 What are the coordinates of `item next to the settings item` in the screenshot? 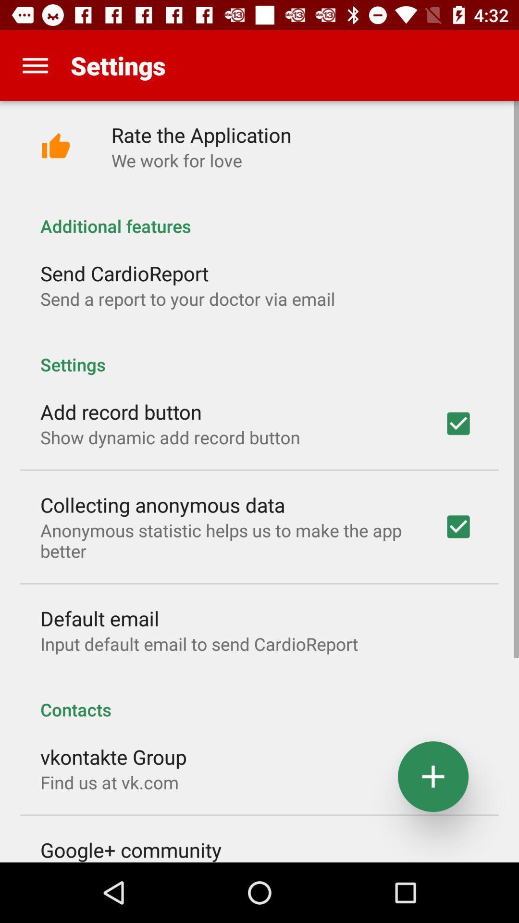 It's located at (35, 65).